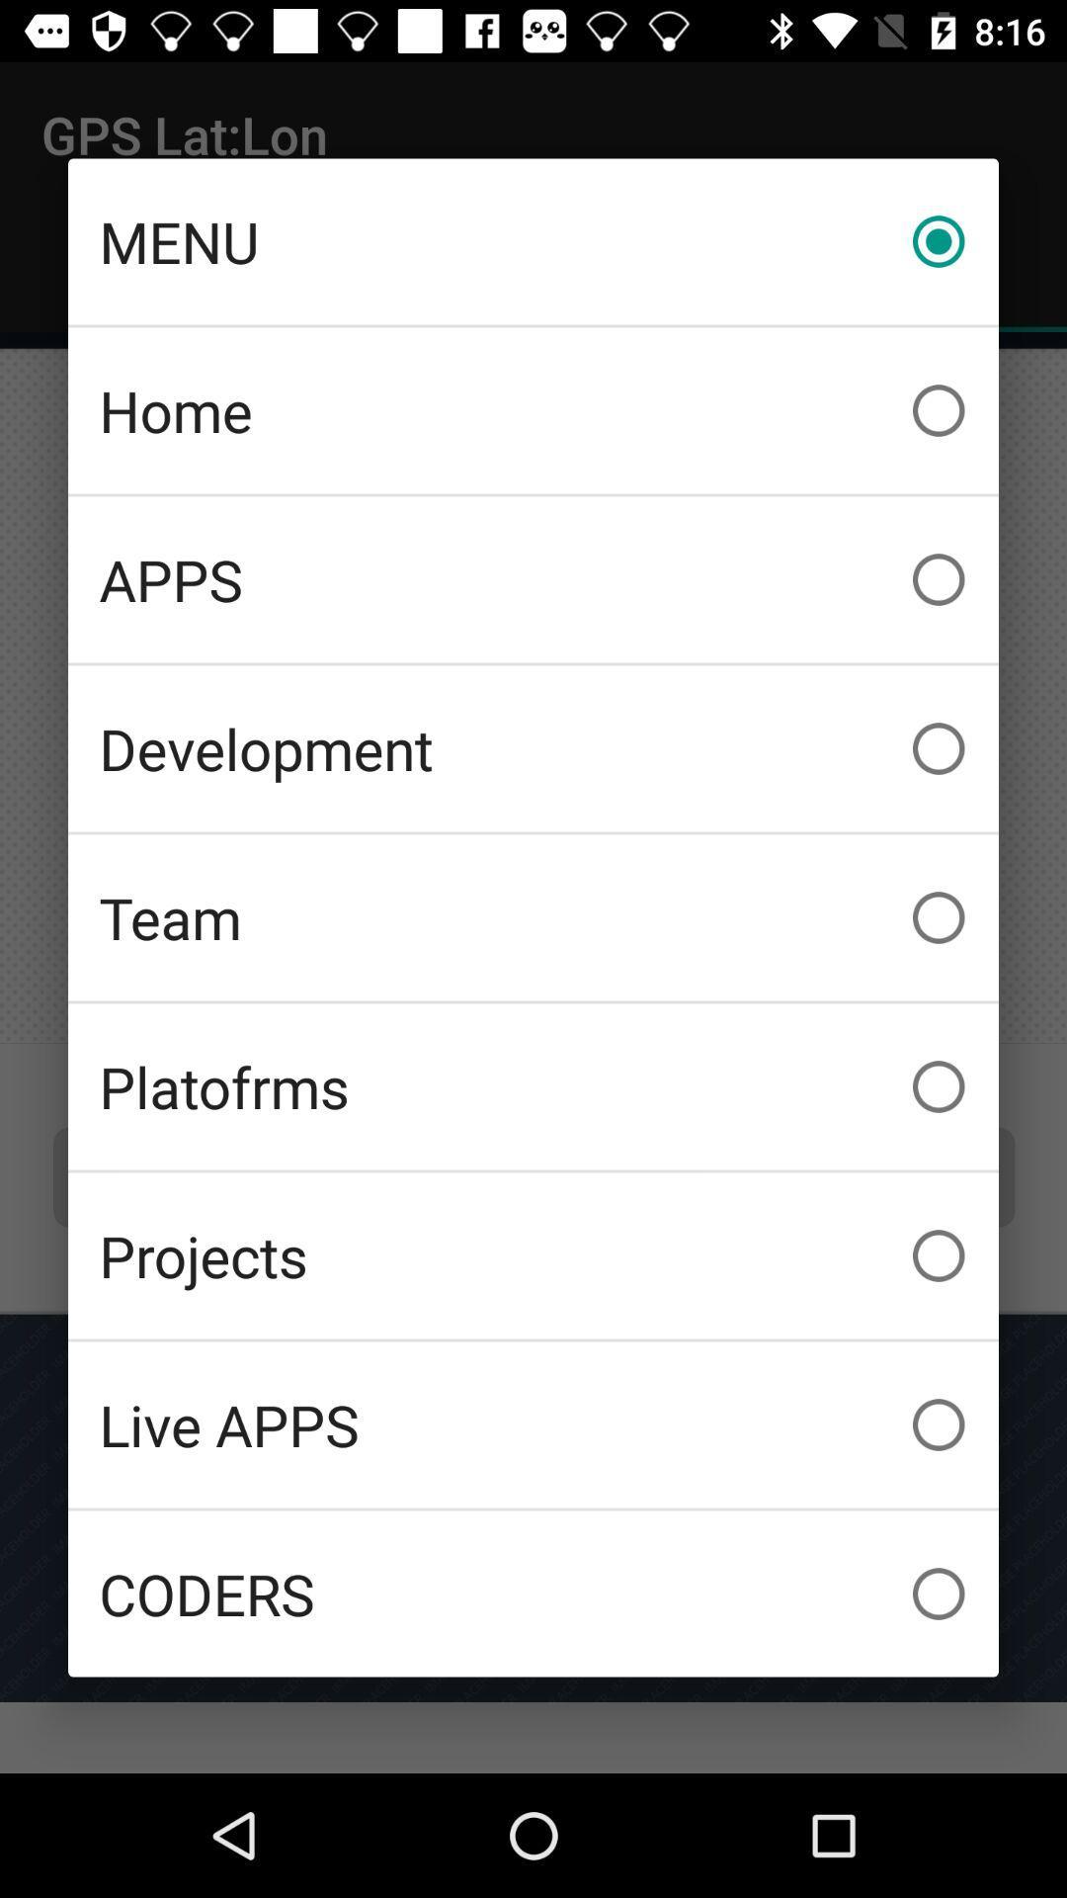 The height and width of the screenshot is (1898, 1067). I want to click on development item, so click(533, 747).